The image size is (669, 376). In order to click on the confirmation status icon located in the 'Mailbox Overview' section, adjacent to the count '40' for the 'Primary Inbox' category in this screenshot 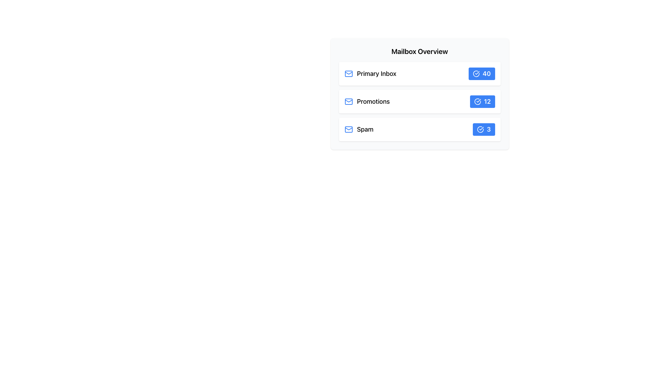, I will do `click(476, 74)`.